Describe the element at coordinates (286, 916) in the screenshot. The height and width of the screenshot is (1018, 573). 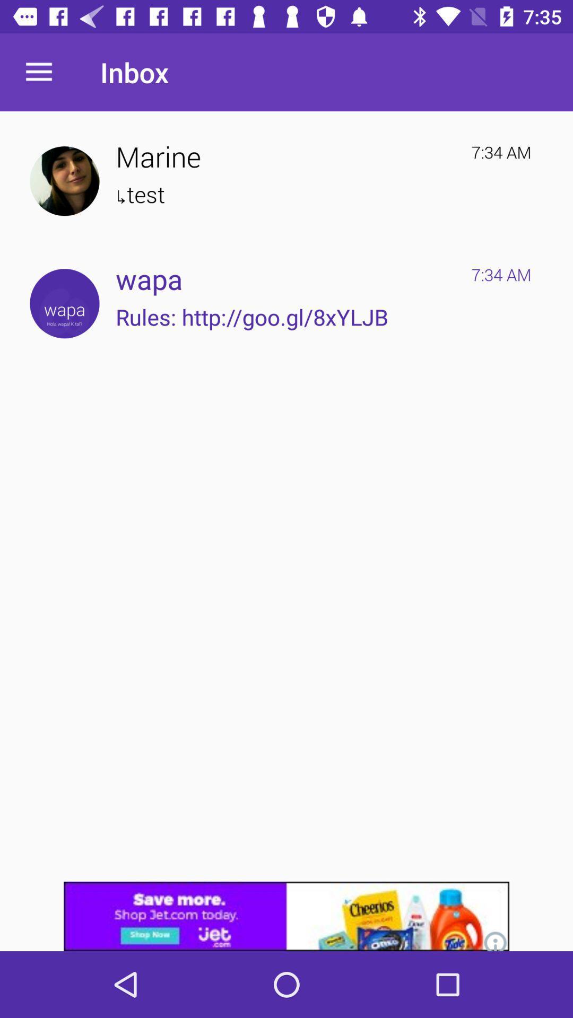
I see `click discriiption` at that location.